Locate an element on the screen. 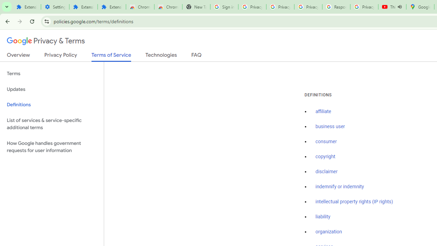  'Extensions' is located at coordinates (112, 7).